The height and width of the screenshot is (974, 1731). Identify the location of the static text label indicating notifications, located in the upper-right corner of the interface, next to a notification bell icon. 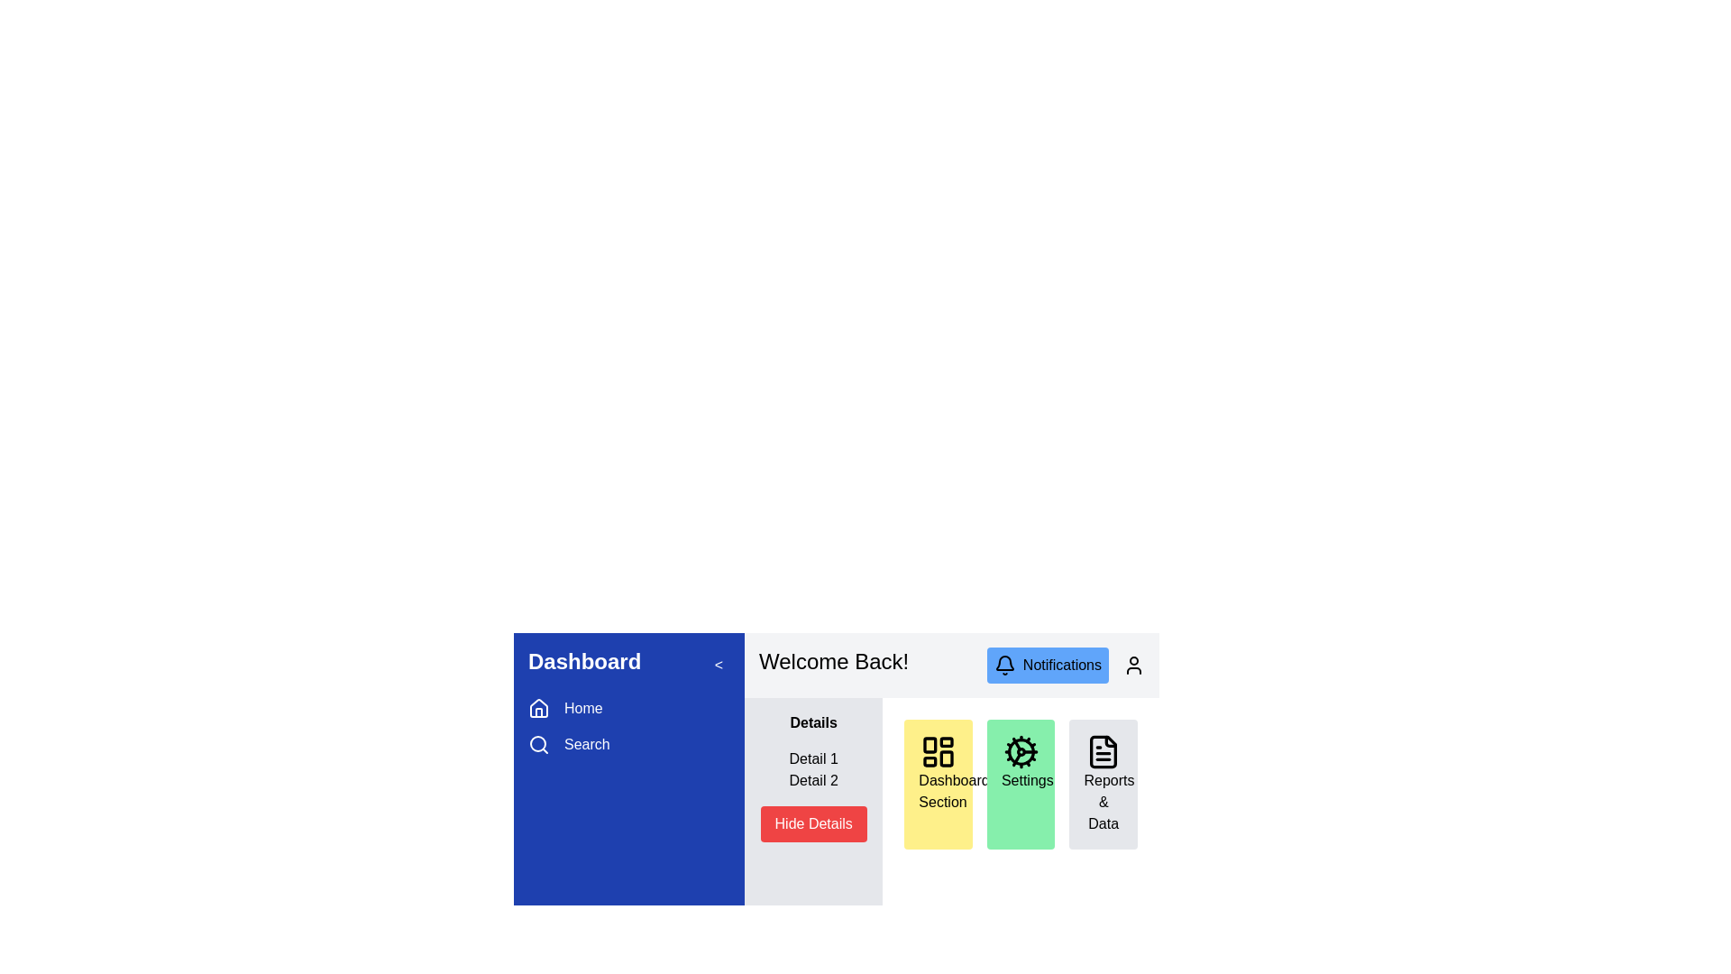
(1062, 665).